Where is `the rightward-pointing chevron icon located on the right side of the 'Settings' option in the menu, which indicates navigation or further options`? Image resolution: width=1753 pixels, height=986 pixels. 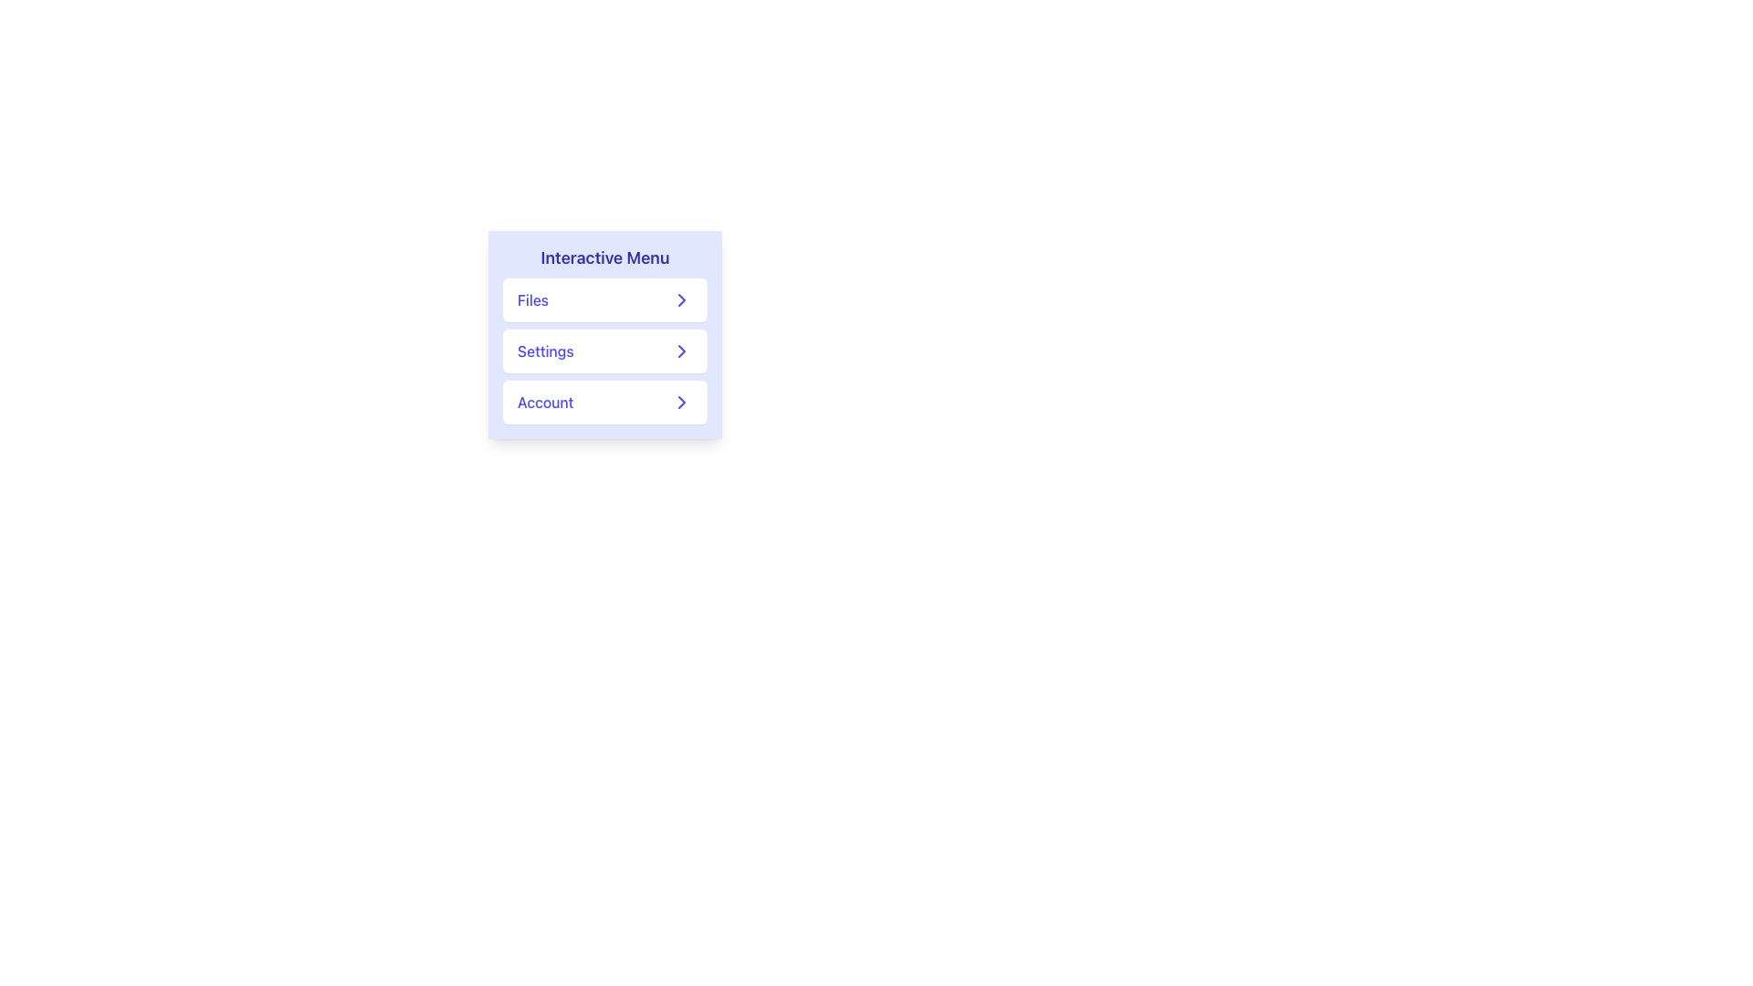 the rightward-pointing chevron icon located on the right side of the 'Settings' option in the menu, which indicates navigation or further options is located at coordinates (681, 351).